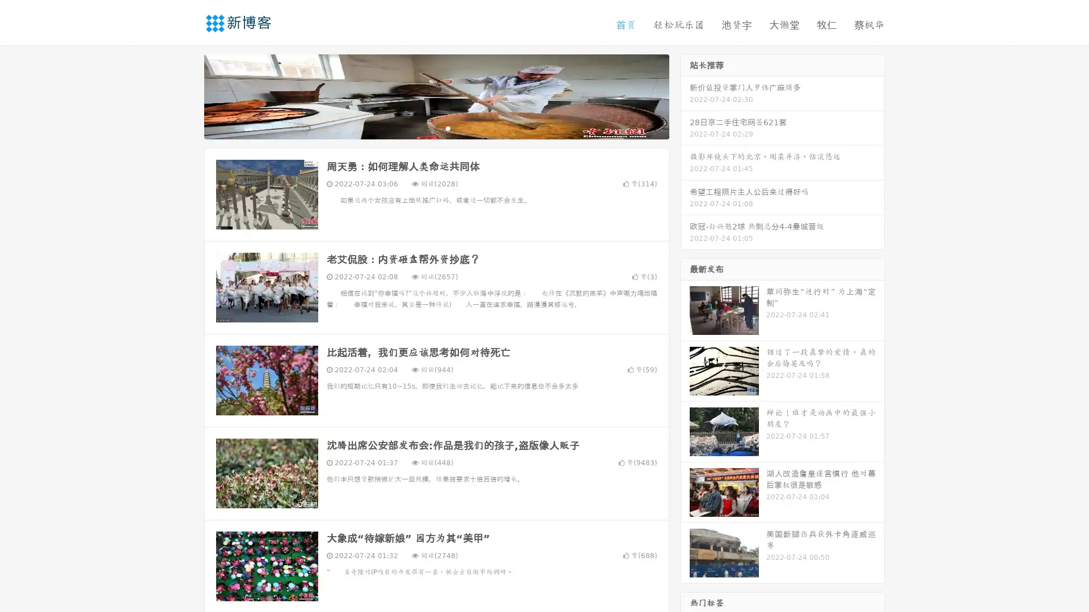 The height and width of the screenshot is (612, 1089). I want to click on Go to slide 2, so click(436, 127).